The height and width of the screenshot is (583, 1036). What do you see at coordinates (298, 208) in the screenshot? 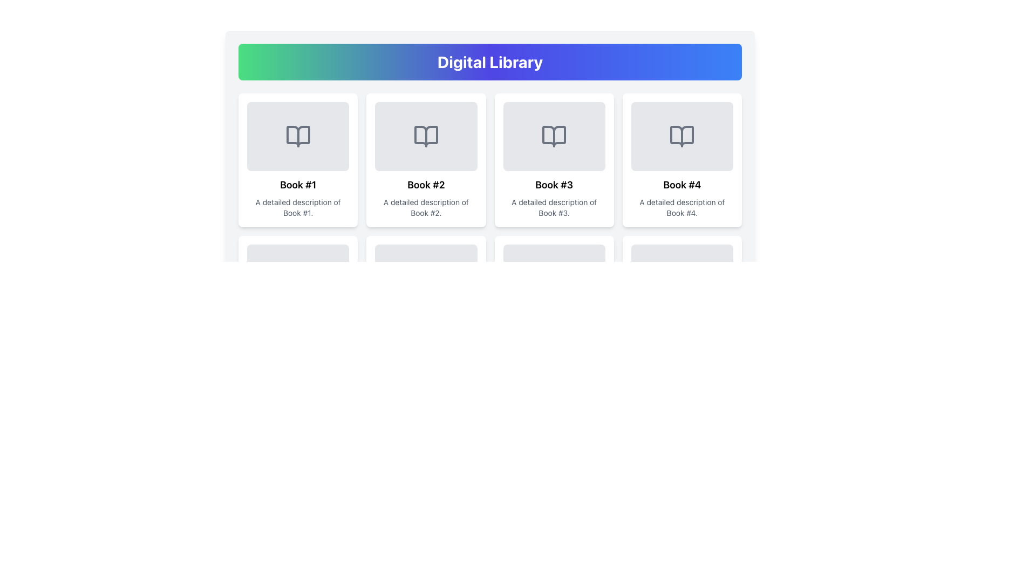
I see `text label that contains 'A detailed description of Book #1.' located below the heading 'Book #1'` at bounding box center [298, 208].